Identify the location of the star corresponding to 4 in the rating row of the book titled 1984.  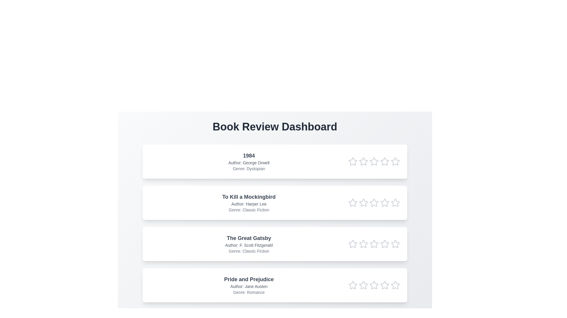
(384, 161).